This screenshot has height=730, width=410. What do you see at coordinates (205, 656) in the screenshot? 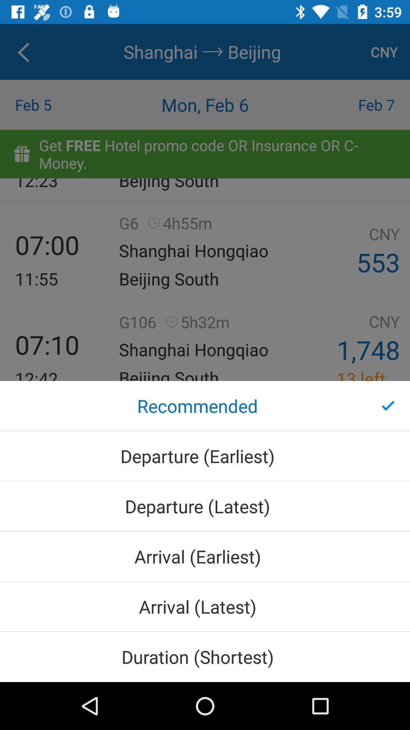
I see `the item below the arrival (latest)` at bounding box center [205, 656].